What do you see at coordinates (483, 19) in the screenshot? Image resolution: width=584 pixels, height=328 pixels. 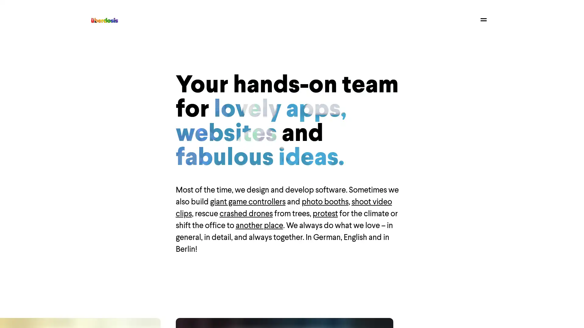 I see `Open menu` at bounding box center [483, 19].